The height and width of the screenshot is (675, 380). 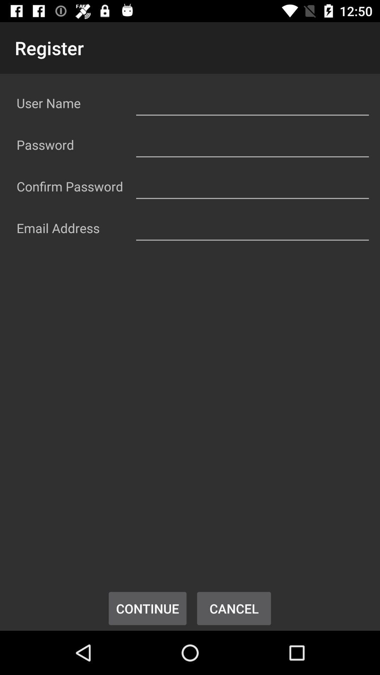 I want to click on the field next to user name, so click(x=252, y=102).